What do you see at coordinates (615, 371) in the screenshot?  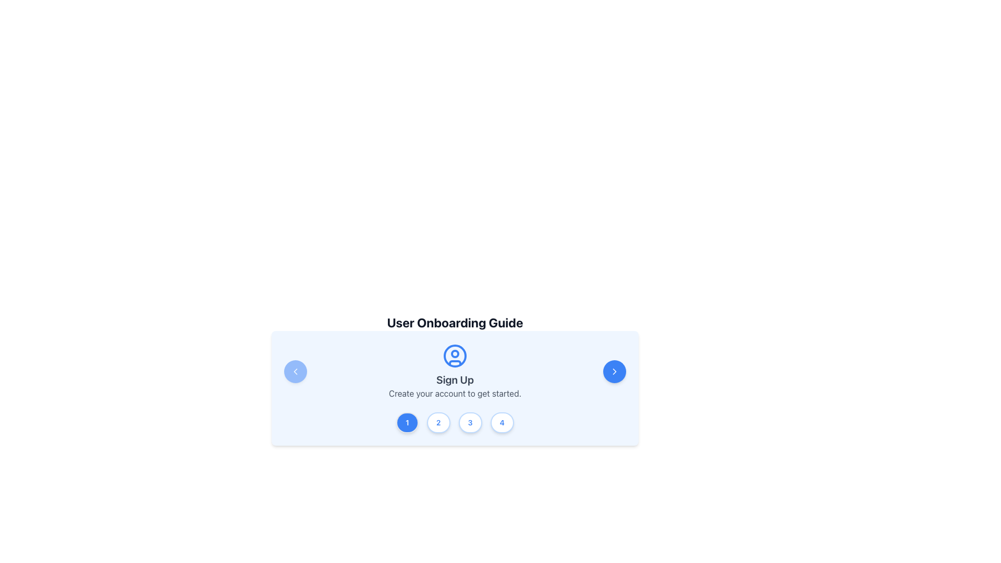 I see `the chevron icon located at the rightmost edge of a circular button in the bottom-right corner of the user onboarding card interface` at bounding box center [615, 371].